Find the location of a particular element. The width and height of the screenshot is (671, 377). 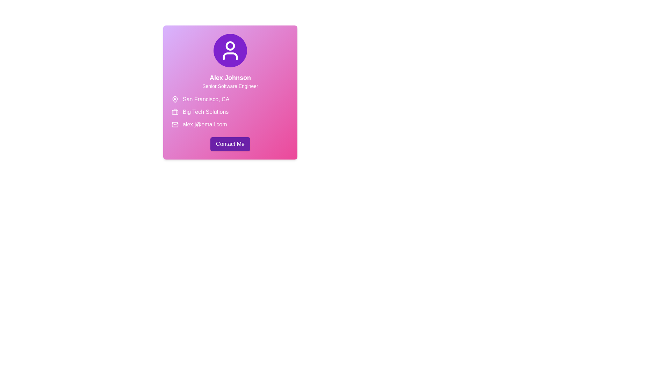

the lower rectangular part of the briefcase icon, which is a vector graphic with rounded corners and no text content is located at coordinates (175, 111).